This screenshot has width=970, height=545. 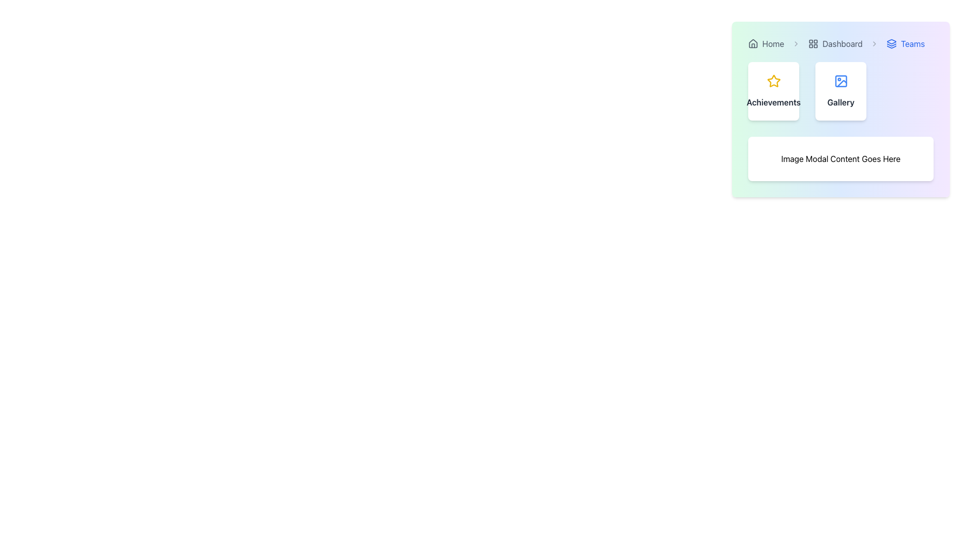 I want to click on the Gallery icon located at the top-right corner of the card structure labeled 'Gallery', so click(x=841, y=81).